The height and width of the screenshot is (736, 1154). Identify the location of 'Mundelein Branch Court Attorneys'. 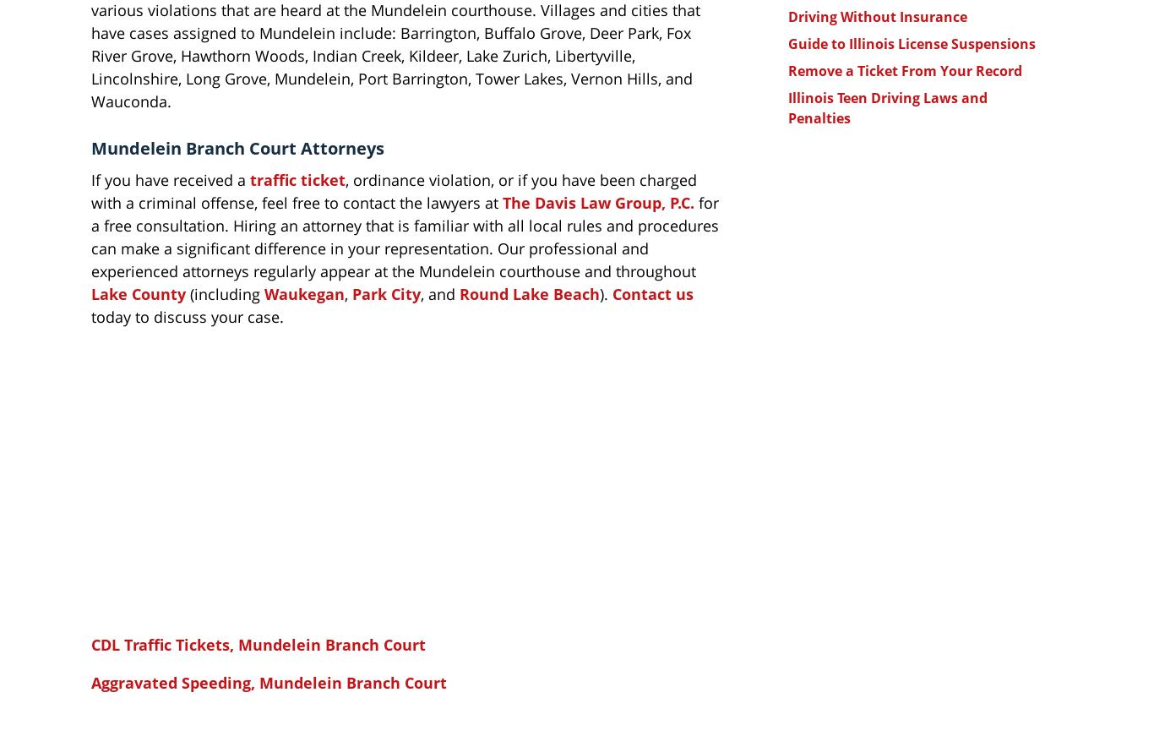
(91, 147).